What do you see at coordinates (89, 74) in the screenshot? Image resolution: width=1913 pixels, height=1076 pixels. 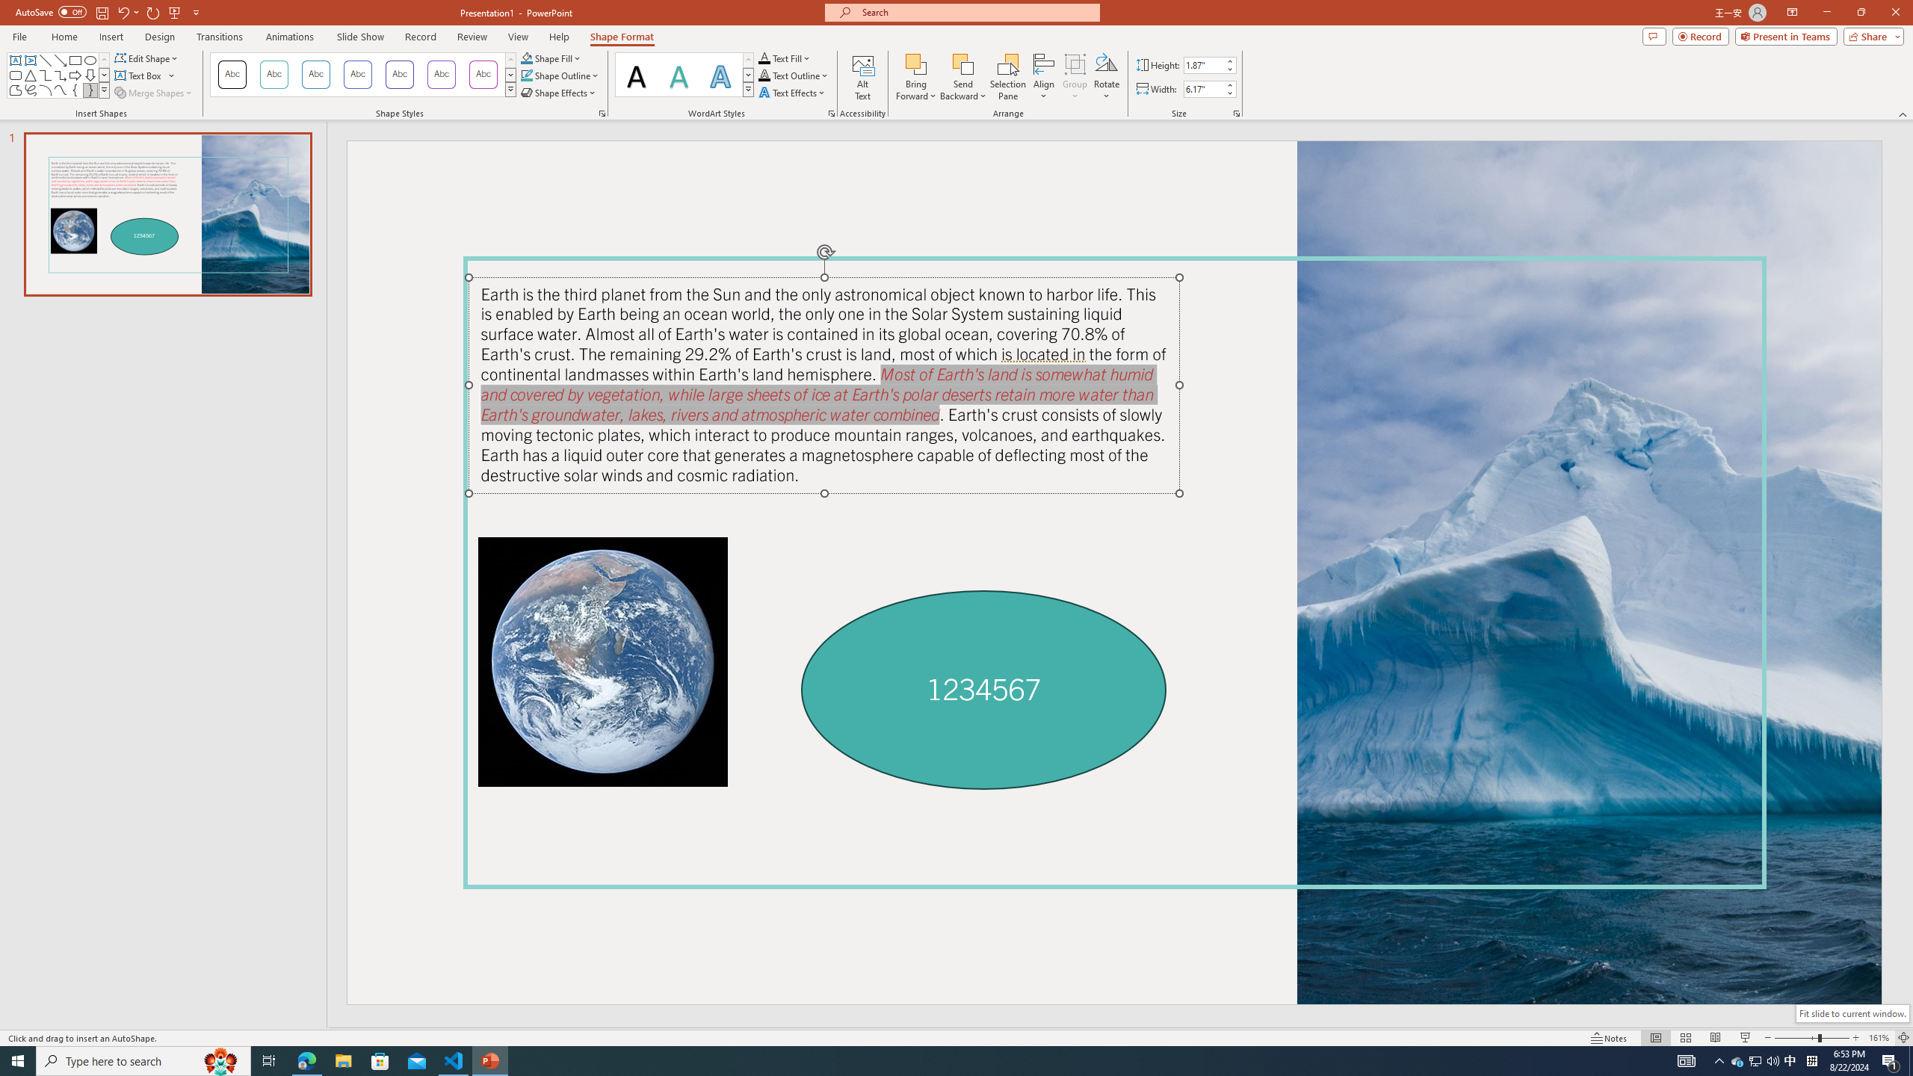 I see `'Arrow: Down'` at bounding box center [89, 74].